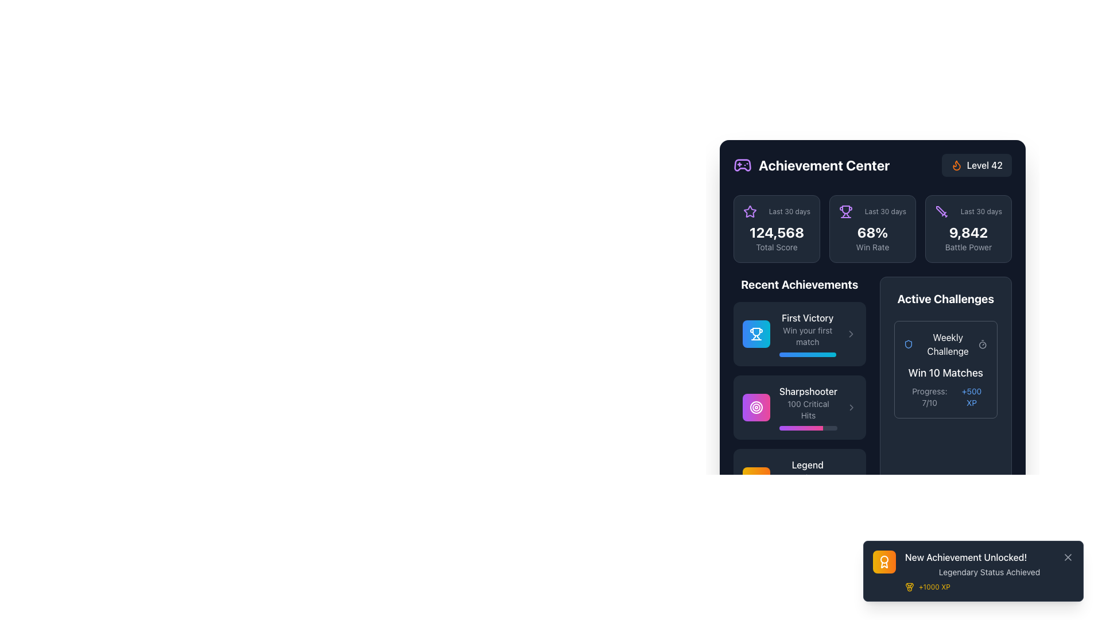 This screenshot has width=1102, height=620. Describe the element at coordinates (756, 332) in the screenshot. I see `the 'Win Rate' icon in the Achievement Center section, which is visually emphasized as part of the statistical metrics` at that location.